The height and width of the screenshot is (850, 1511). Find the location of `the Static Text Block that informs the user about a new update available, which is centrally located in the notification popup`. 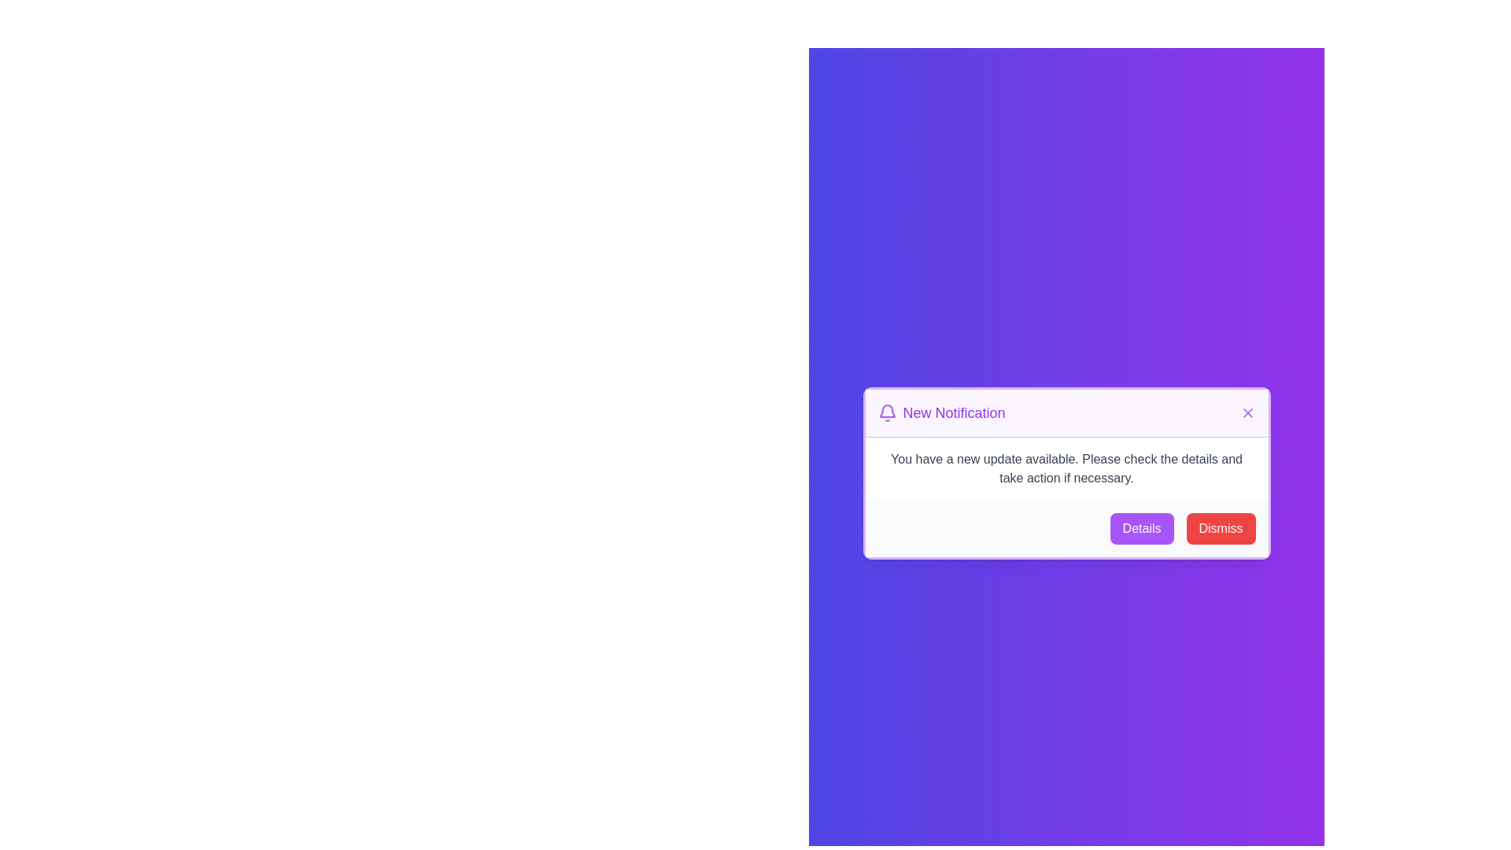

the Static Text Block that informs the user about a new update available, which is centrally located in the notification popup is located at coordinates (1066, 468).